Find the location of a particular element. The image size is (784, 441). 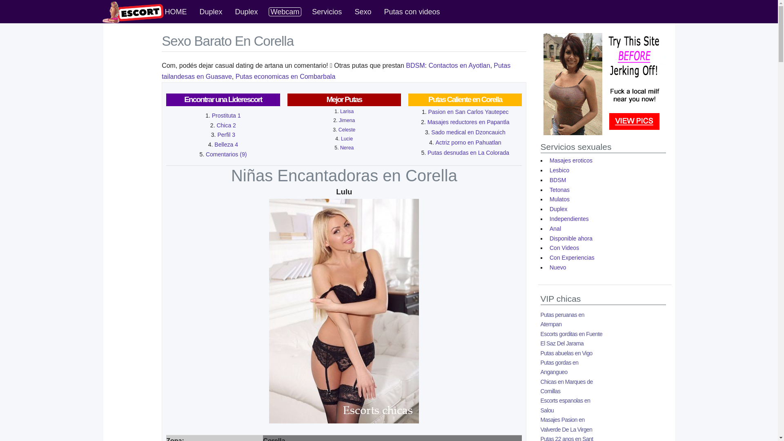

'Masajes reductores en Papantla' is located at coordinates (468, 122).